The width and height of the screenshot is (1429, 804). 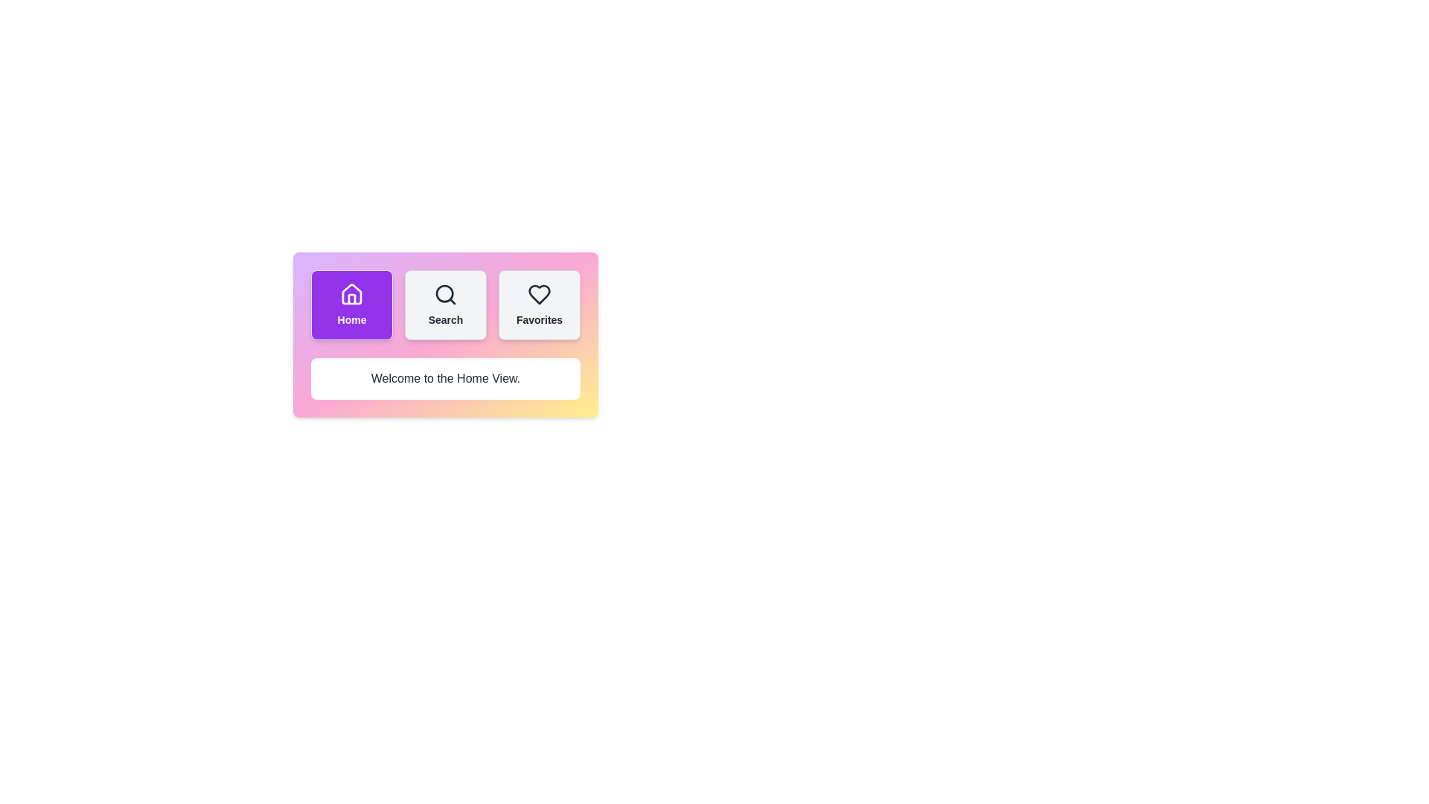 What do you see at coordinates (351, 299) in the screenshot?
I see `the vertical rectangle-like shape within the SVG graphic that represents part of a house structure, located in the lower half of the house icon` at bounding box center [351, 299].